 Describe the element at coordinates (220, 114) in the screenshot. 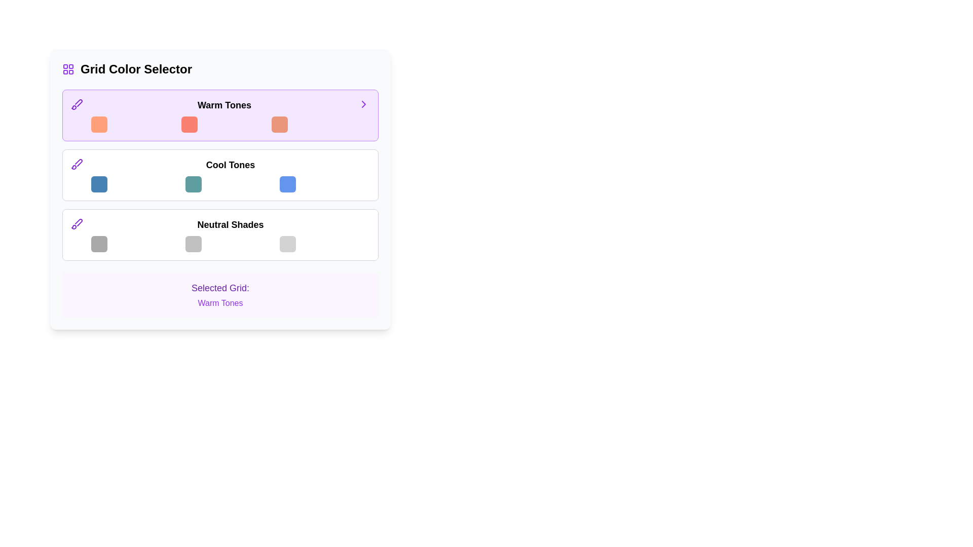

I see `the Card component with a gradient purple background and 'Warm Tones' text` at that location.